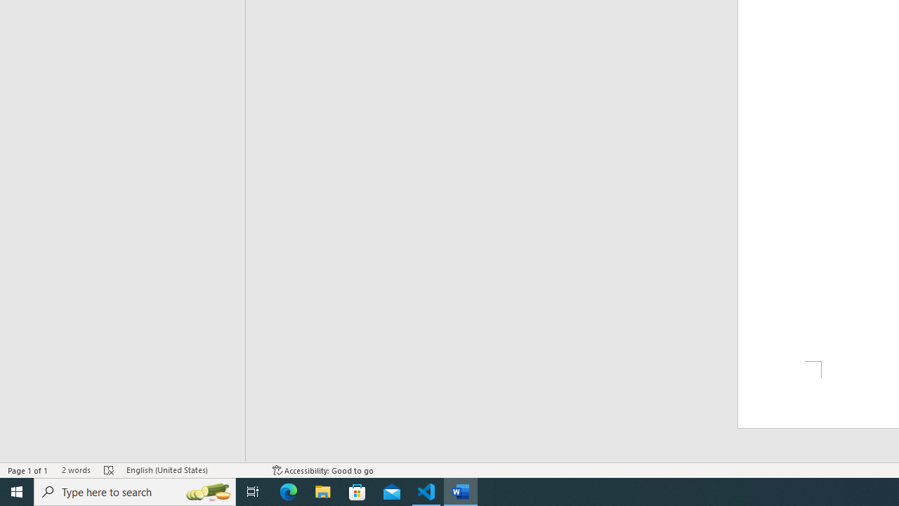 The height and width of the screenshot is (506, 899). Describe the element at coordinates (322, 470) in the screenshot. I see `'Accessibility Checker Accessibility: Good to go'` at that location.